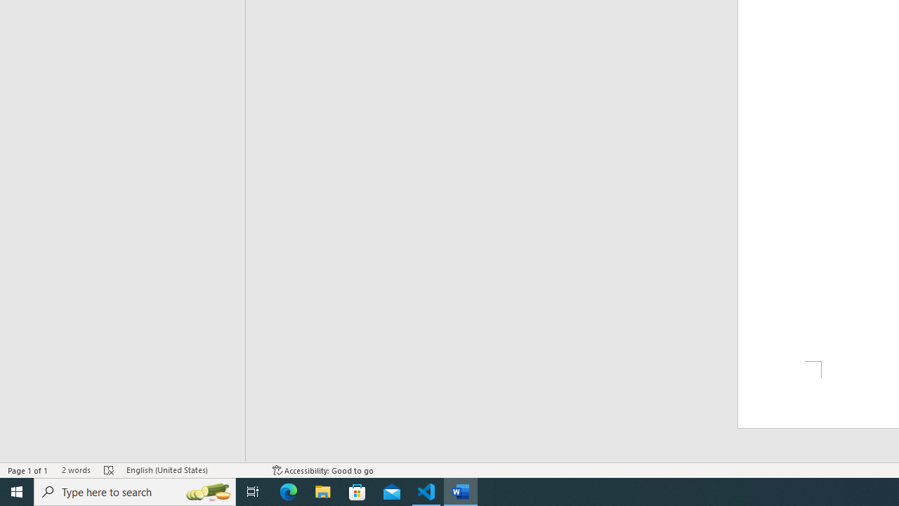 The height and width of the screenshot is (506, 899). Describe the element at coordinates (322, 470) in the screenshot. I see `'Accessibility Checker Accessibility: Good to go'` at that location.